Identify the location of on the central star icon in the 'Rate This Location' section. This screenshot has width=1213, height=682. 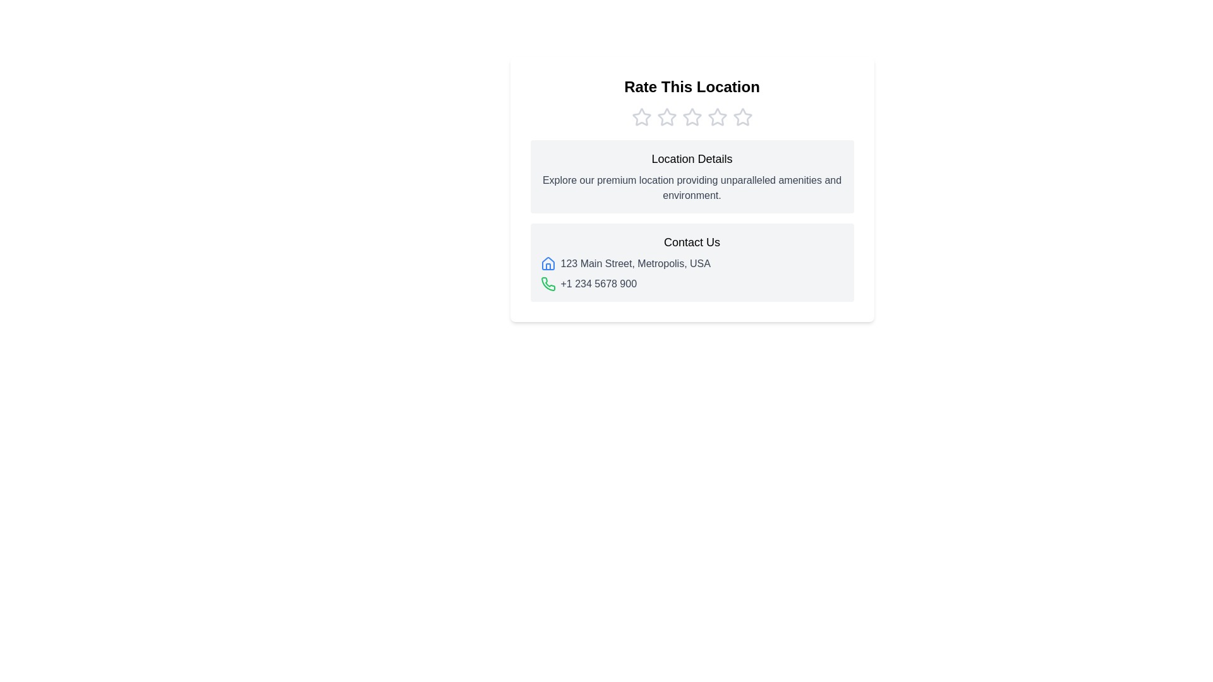
(691, 117).